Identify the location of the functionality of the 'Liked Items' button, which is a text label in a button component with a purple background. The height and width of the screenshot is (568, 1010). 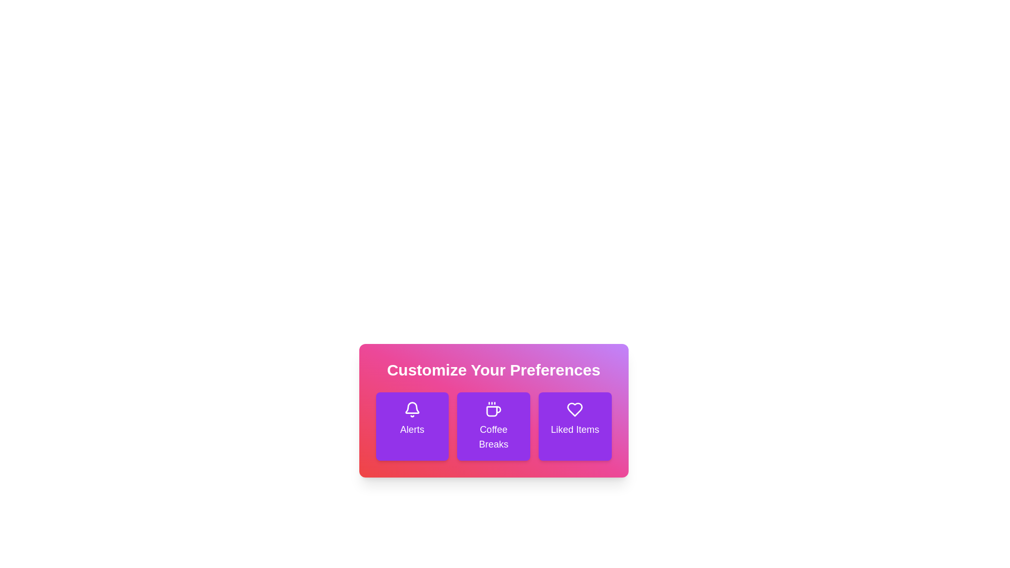
(574, 430).